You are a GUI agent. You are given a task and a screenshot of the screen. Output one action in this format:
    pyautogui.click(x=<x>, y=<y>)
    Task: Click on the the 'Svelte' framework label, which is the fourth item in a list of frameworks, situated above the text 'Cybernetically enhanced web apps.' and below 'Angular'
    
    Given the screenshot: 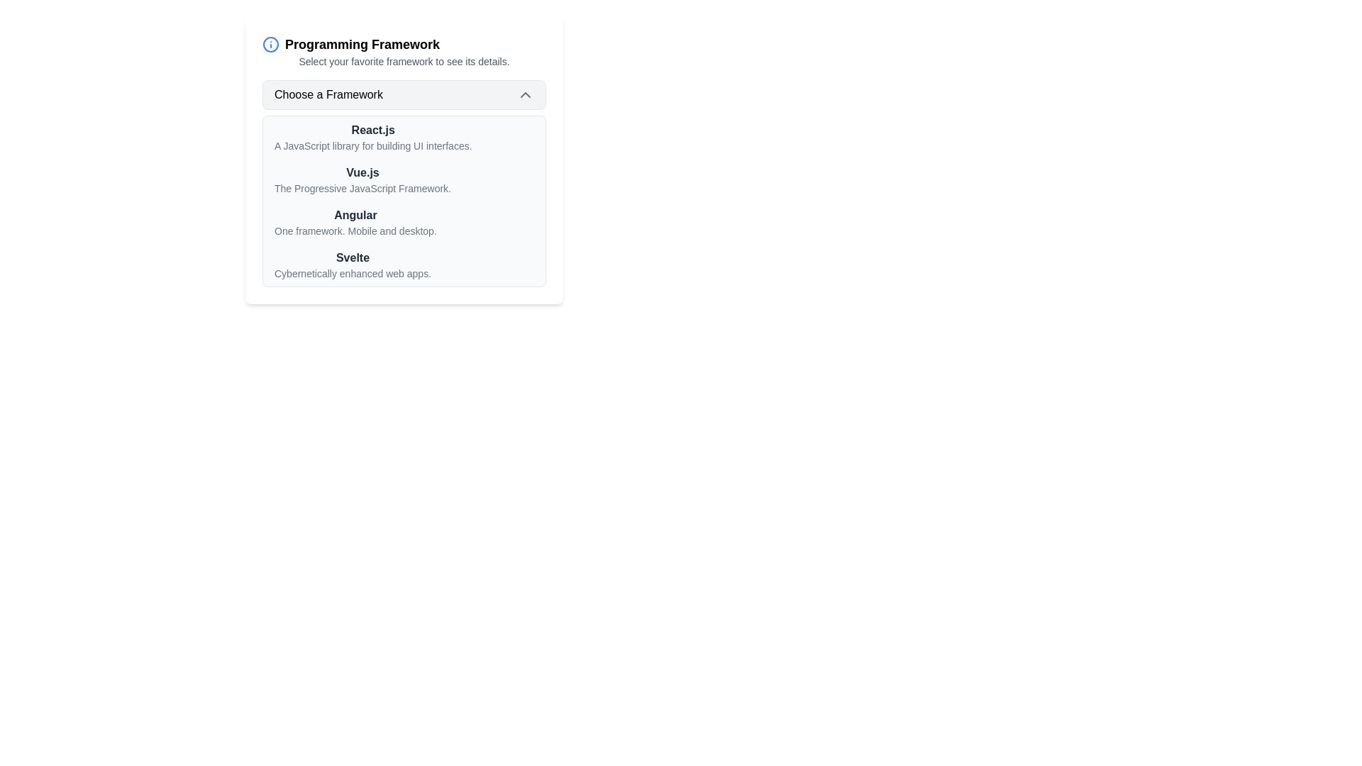 What is the action you would take?
    pyautogui.click(x=353, y=257)
    